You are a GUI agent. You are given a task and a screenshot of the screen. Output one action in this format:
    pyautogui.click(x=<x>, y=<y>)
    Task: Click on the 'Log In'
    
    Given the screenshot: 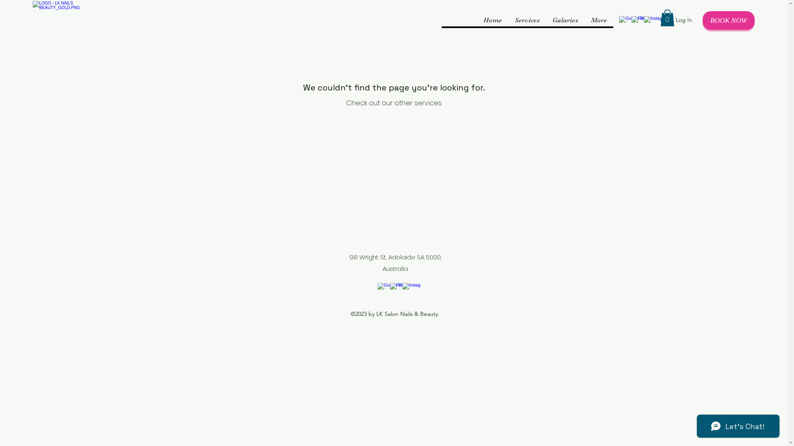 What is the action you would take?
    pyautogui.click(x=673, y=19)
    